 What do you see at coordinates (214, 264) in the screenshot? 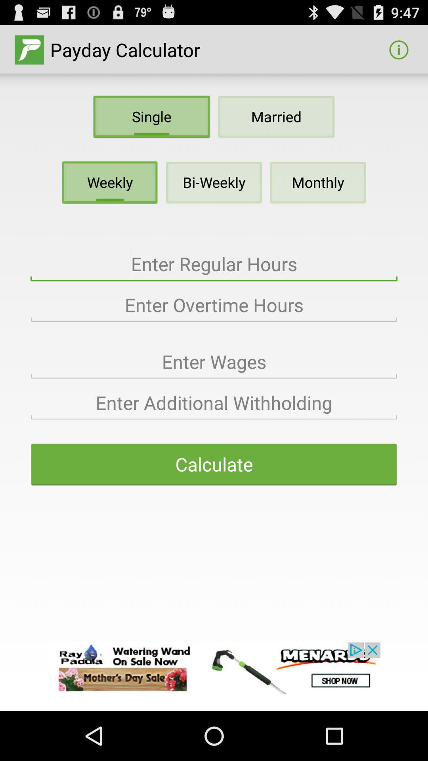
I see `the field above enter overtime hours` at bounding box center [214, 264].